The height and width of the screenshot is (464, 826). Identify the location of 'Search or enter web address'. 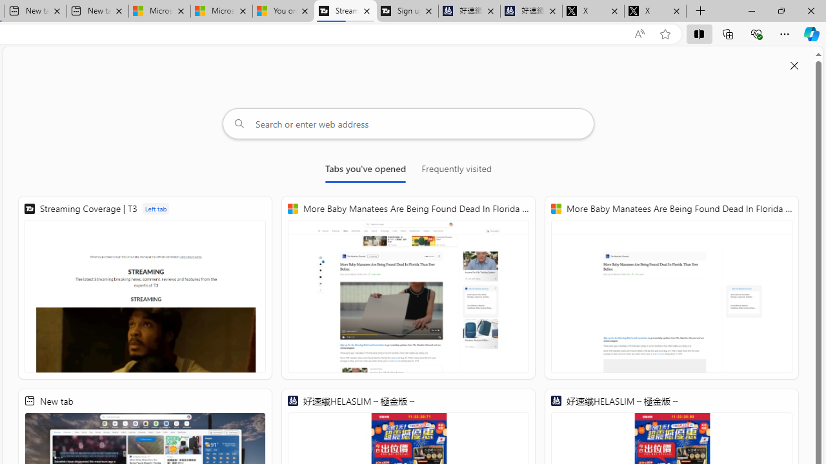
(408, 123).